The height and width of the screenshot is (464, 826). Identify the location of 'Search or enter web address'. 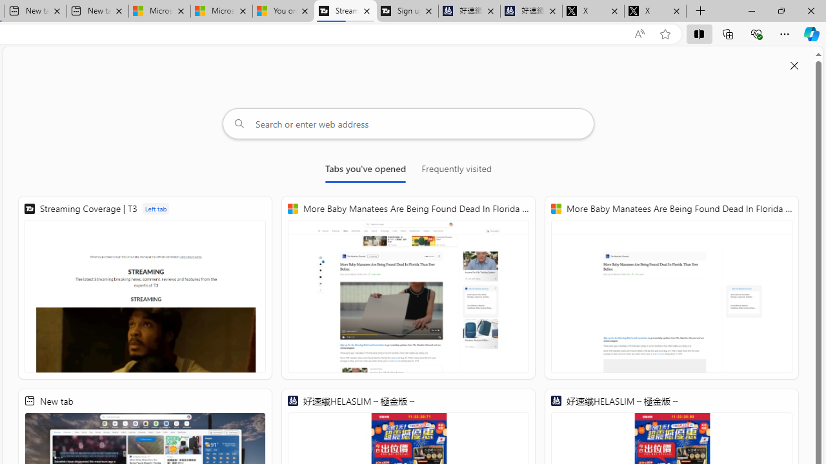
(408, 123).